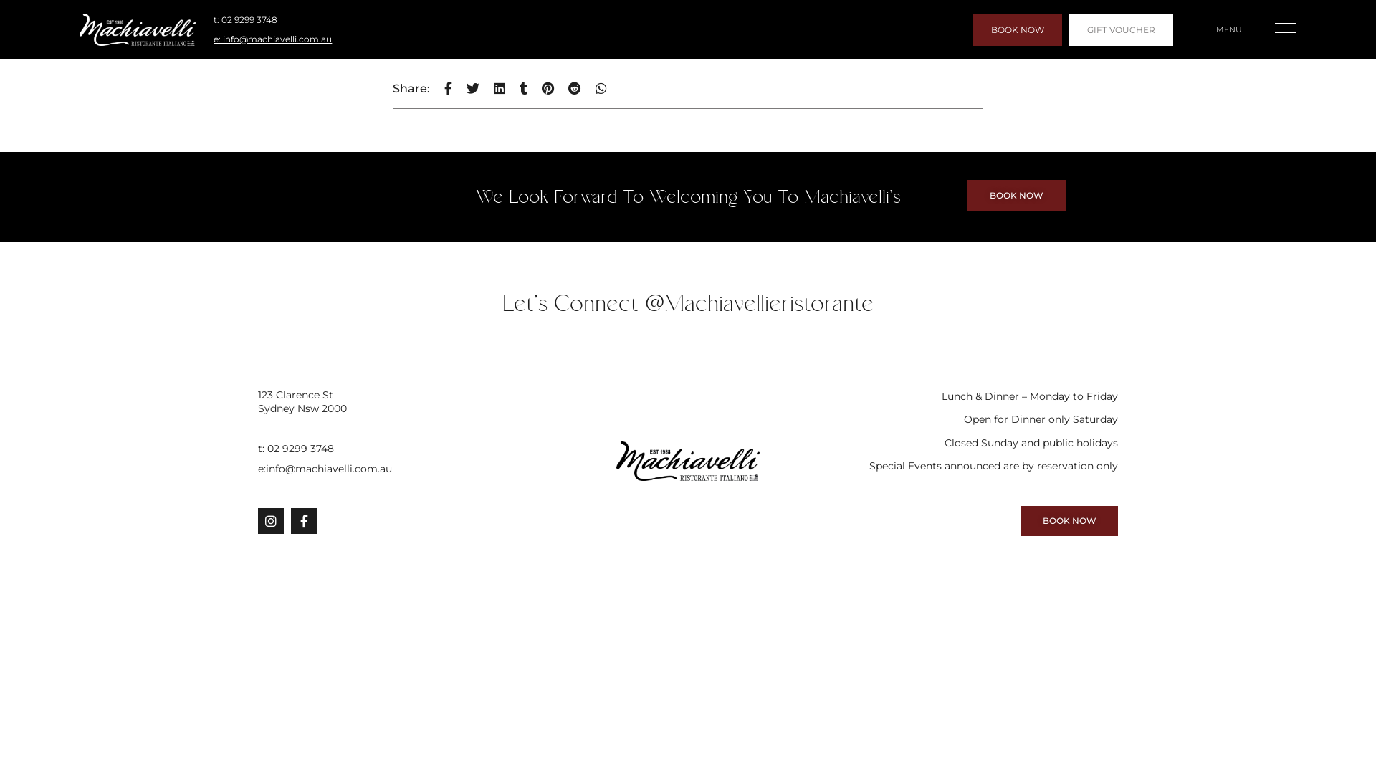  What do you see at coordinates (1016, 196) in the screenshot?
I see `'BOOK NOW'` at bounding box center [1016, 196].